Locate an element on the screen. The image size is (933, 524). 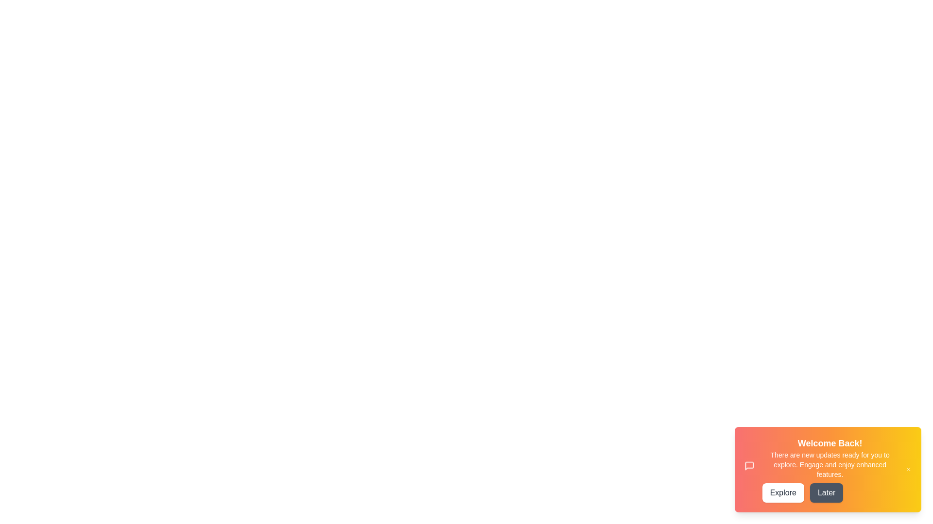
the close icon to hide the snackbar is located at coordinates (908, 469).